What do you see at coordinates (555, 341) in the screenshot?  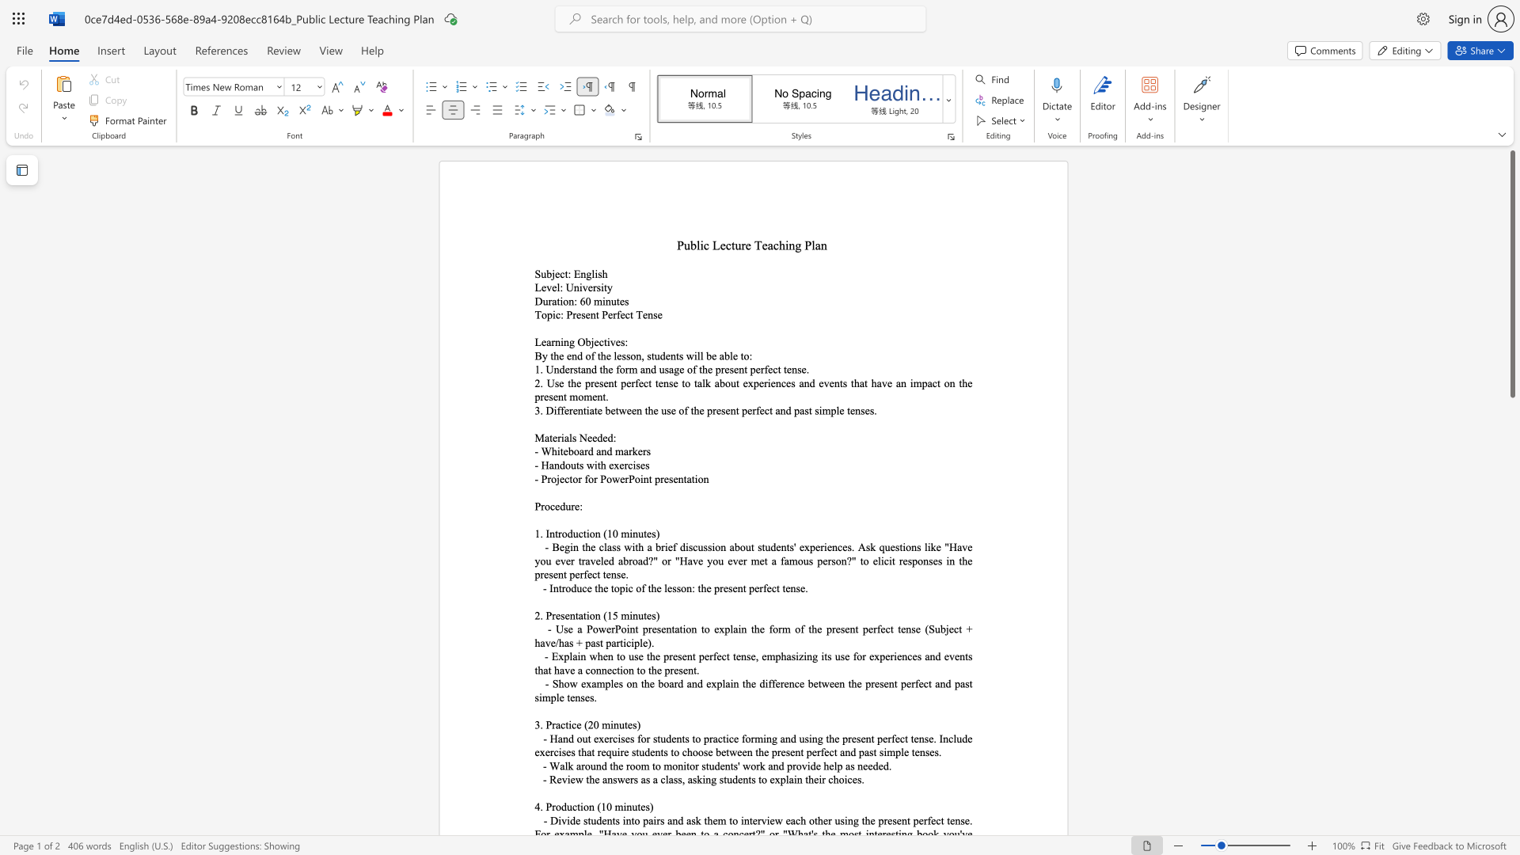 I see `the subset text "ning Objecti" within the text "Learning Objectives:"` at bounding box center [555, 341].